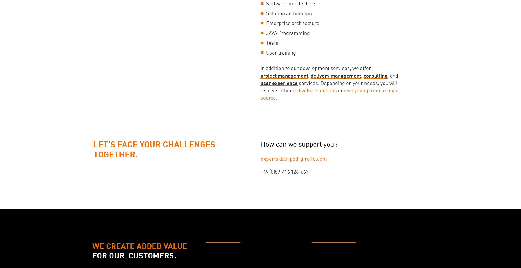 Image resolution: width=521 pixels, height=268 pixels. I want to click on 'User training', so click(266, 53).